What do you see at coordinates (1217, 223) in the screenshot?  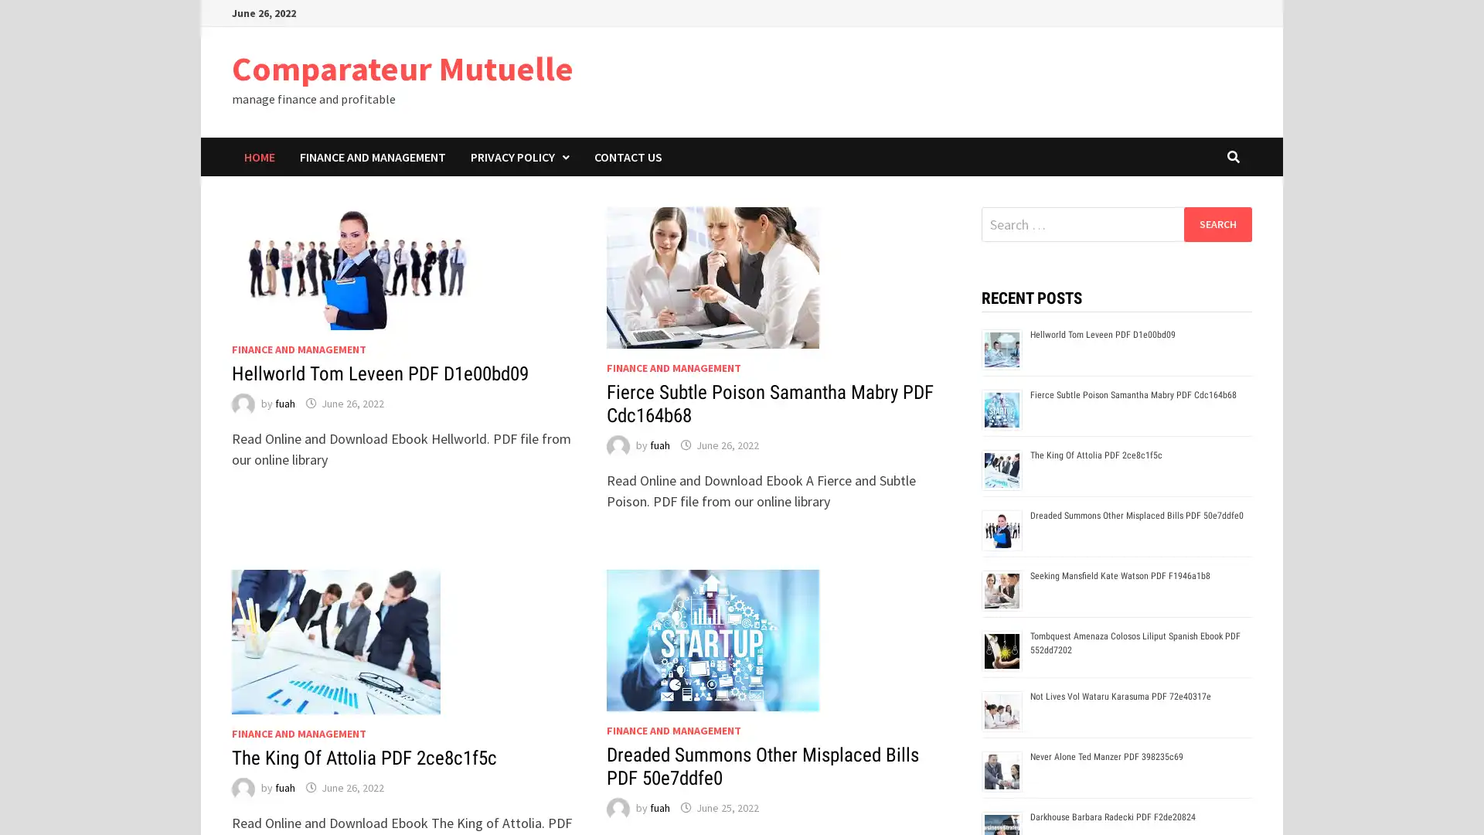 I see `Search` at bounding box center [1217, 223].